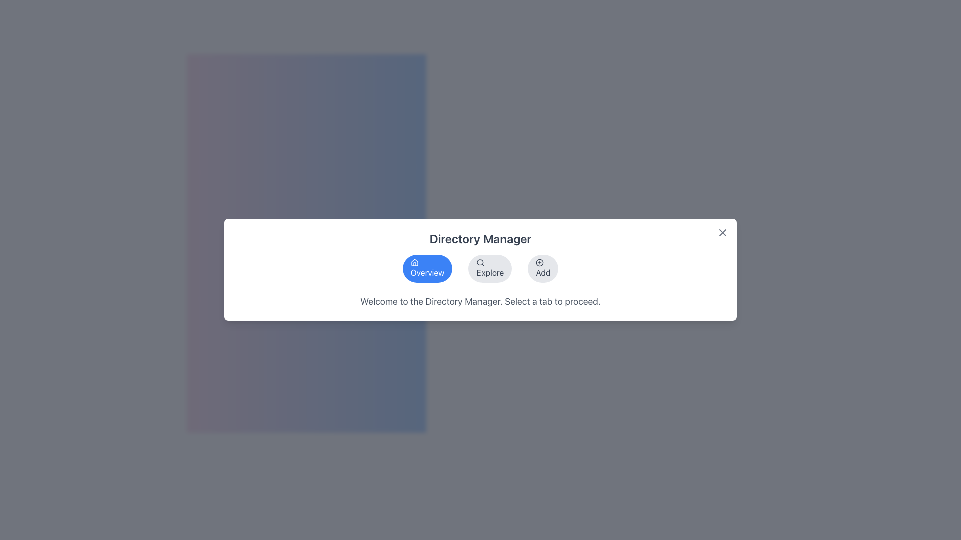 The width and height of the screenshot is (961, 540). Describe the element at coordinates (414, 262) in the screenshot. I see `the house-shaped icon with geometric lines, styled in a minimalist design with a blue background, located inside the 'Overview' button on the left side` at that location.